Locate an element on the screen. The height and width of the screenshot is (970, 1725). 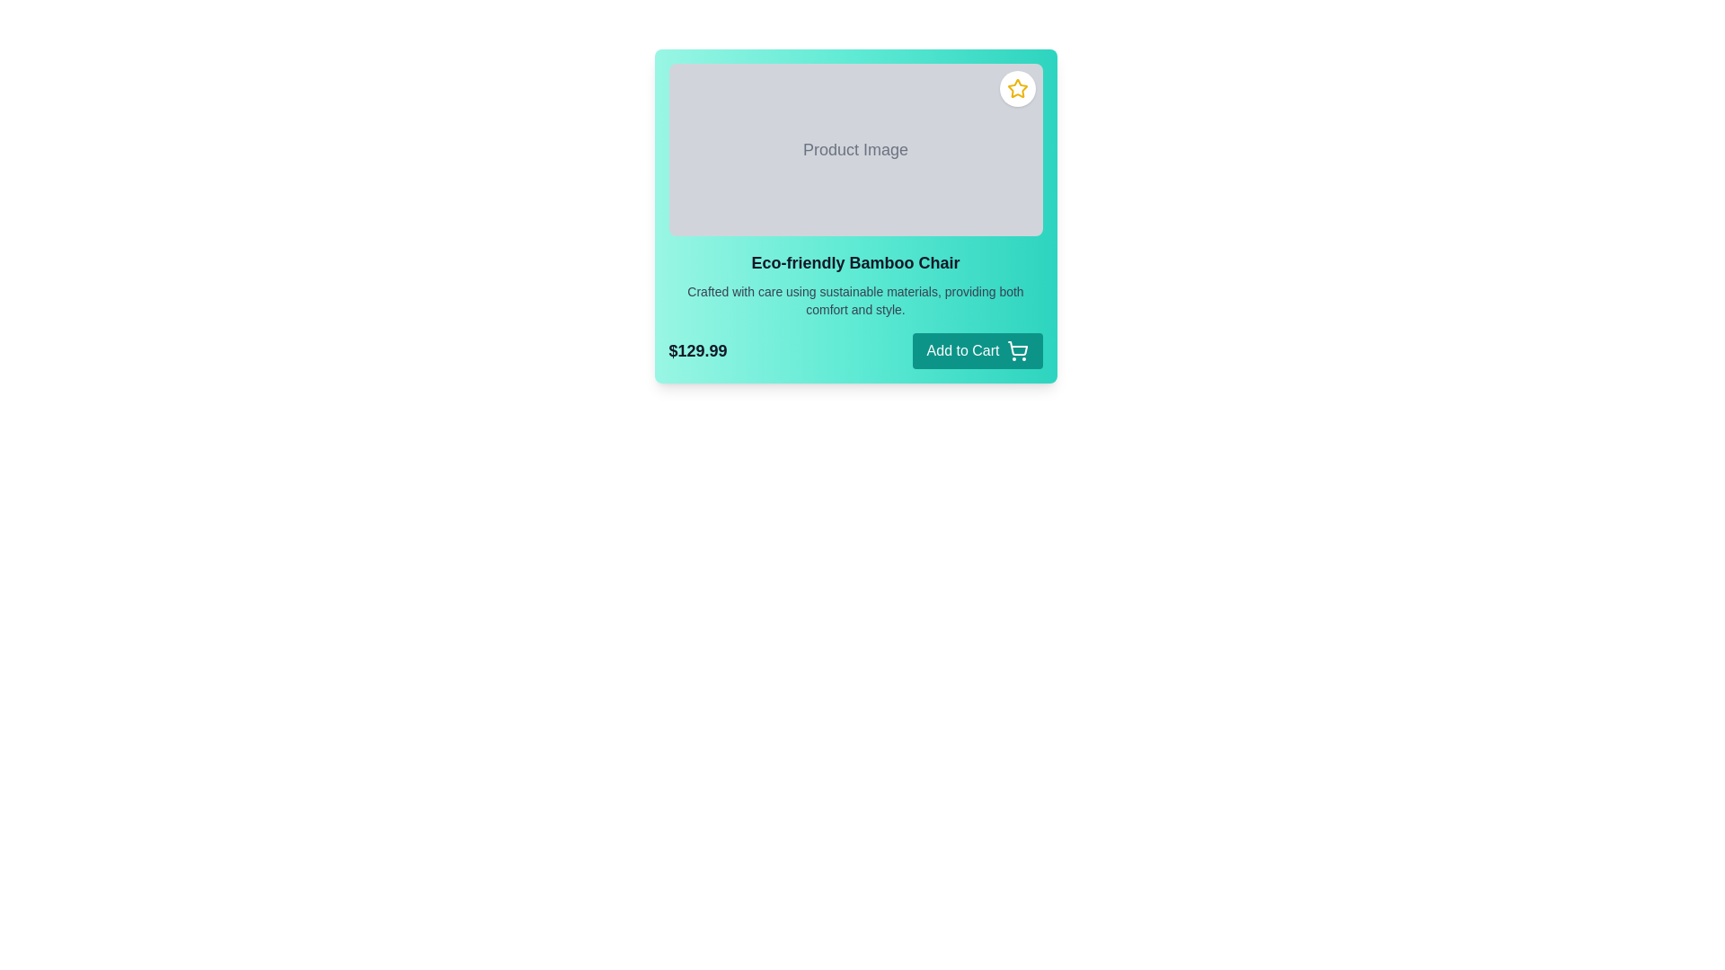
the price text displaying '$129.99' in large bold font, which is located at the bottom-left corner of the product details panel is located at coordinates (697, 350).